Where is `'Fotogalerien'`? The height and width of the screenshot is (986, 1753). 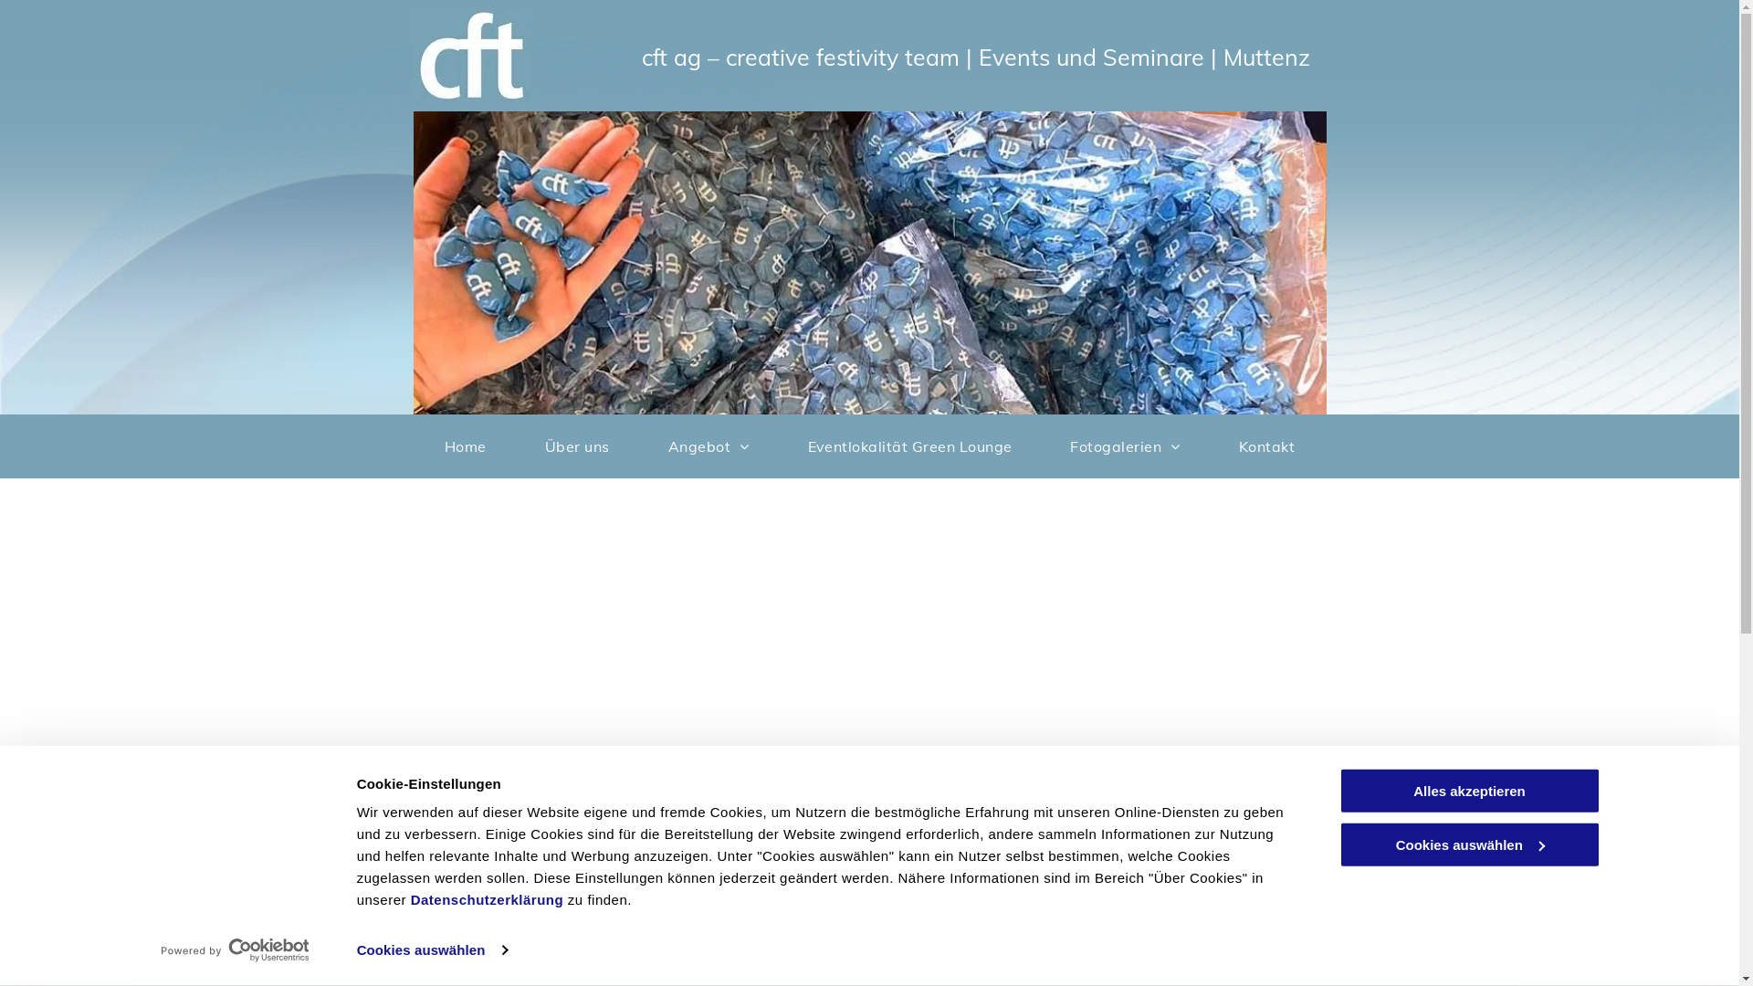 'Fotogalerien' is located at coordinates (1124, 446).